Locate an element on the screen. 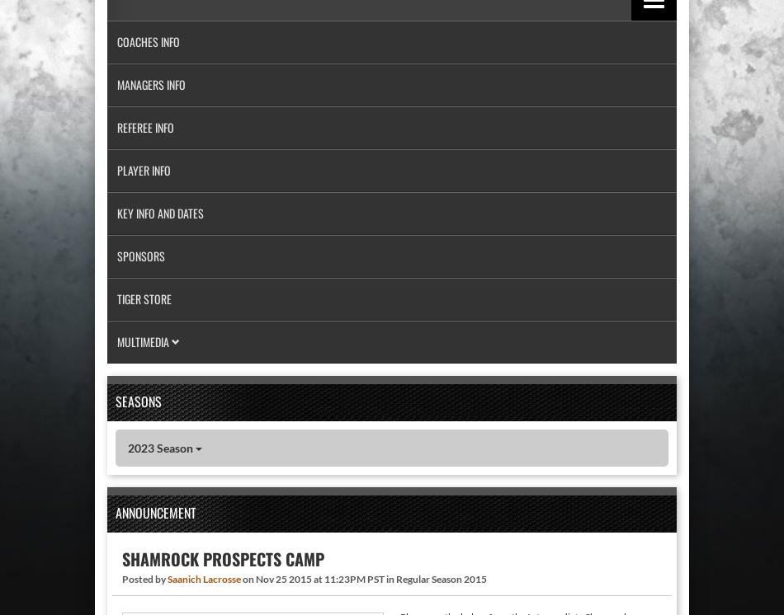 Image resolution: width=784 pixels, height=615 pixels. '2023 Season' is located at coordinates (128, 448).